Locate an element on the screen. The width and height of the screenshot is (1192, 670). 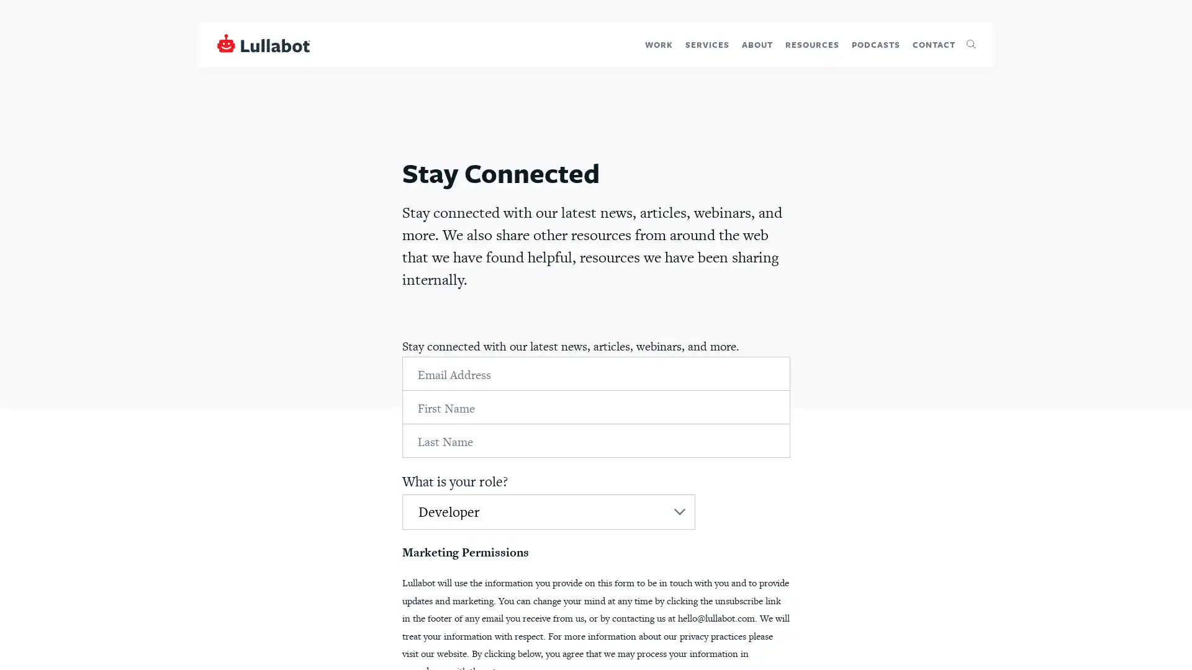
Toggle search form visibility is located at coordinates (970, 44).